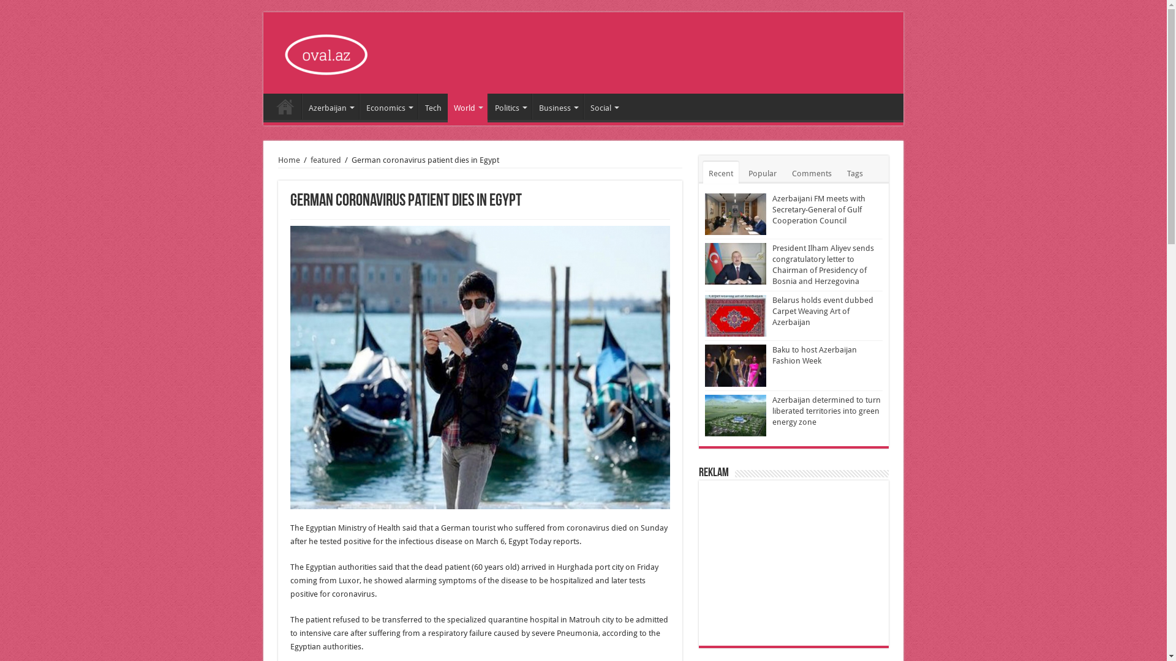 This screenshot has width=1176, height=661. Describe the element at coordinates (326, 159) in the screenshot. I see `'featured'` at that location.